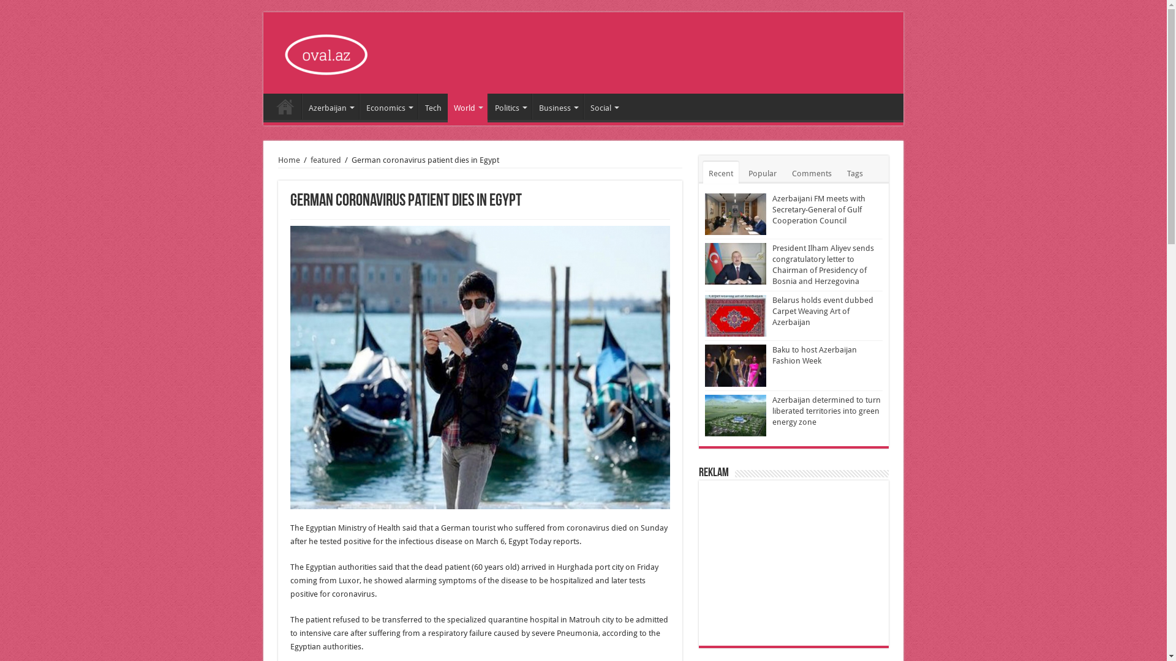 This screenshot has width=1176, height=661. Describe the element at coordinates (326, 159) in the screenshot. I see `'featured'` at that location.